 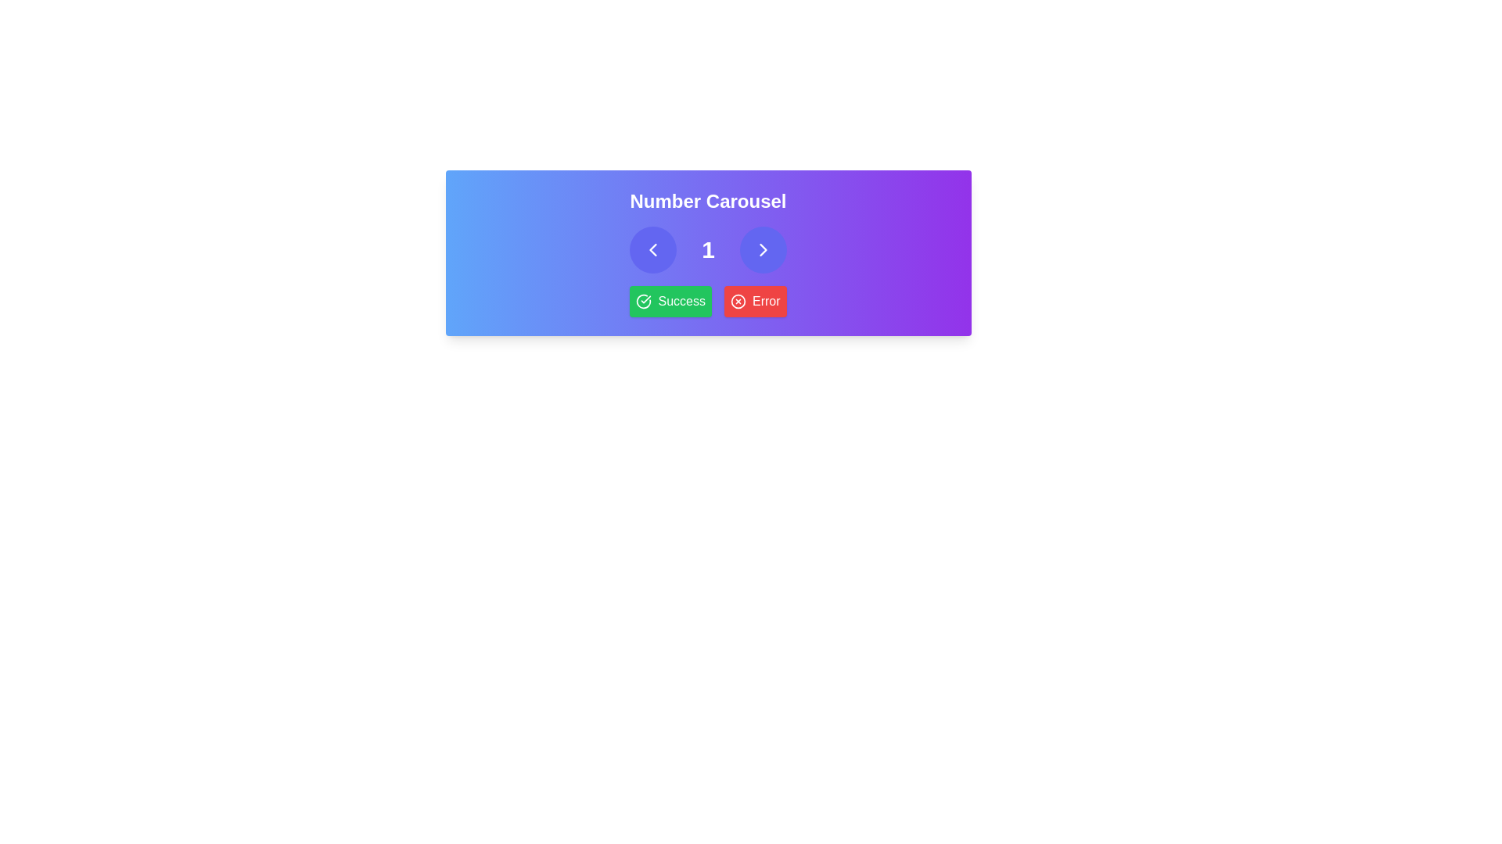 I want to click on the interactive chevron arrow icon located within a circular button, positioned to the right of the visible number '1' in the 'Number Carousel' section, so click(x=763, y=249).